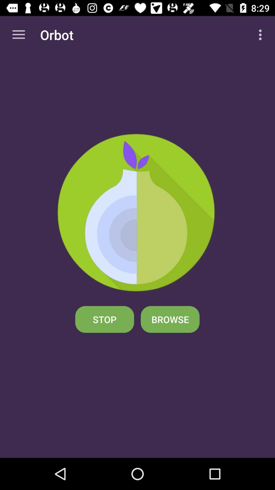 Image resolution: width=275 pixels, height=490 pixels. What do you see at coordinates (104, 319) in the screenshot?
I see `stop item` at bounding box center [104, 319].